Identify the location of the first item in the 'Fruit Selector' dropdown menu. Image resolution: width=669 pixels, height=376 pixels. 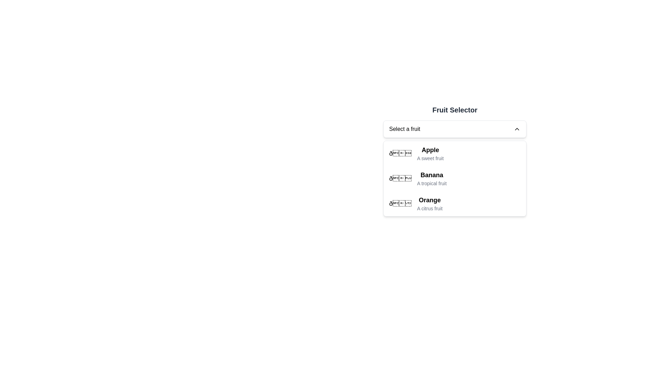
(430, 153).